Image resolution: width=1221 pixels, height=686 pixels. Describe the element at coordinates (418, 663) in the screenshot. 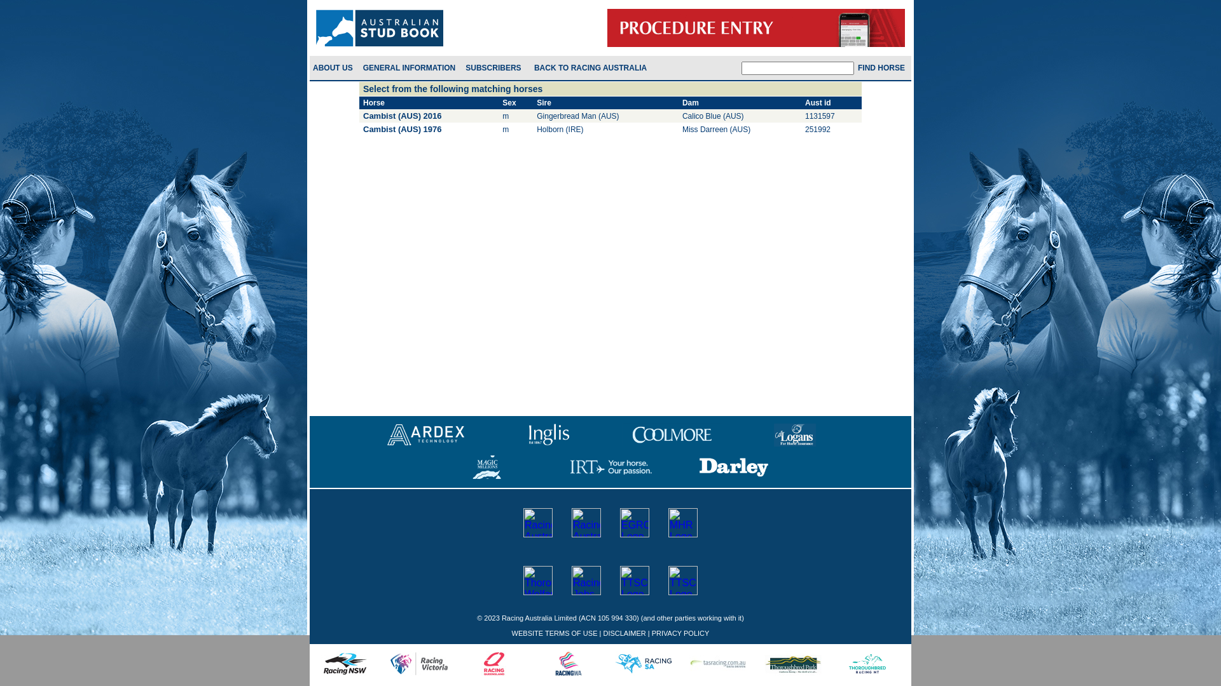

I see `'RacingVIC'` at that location.